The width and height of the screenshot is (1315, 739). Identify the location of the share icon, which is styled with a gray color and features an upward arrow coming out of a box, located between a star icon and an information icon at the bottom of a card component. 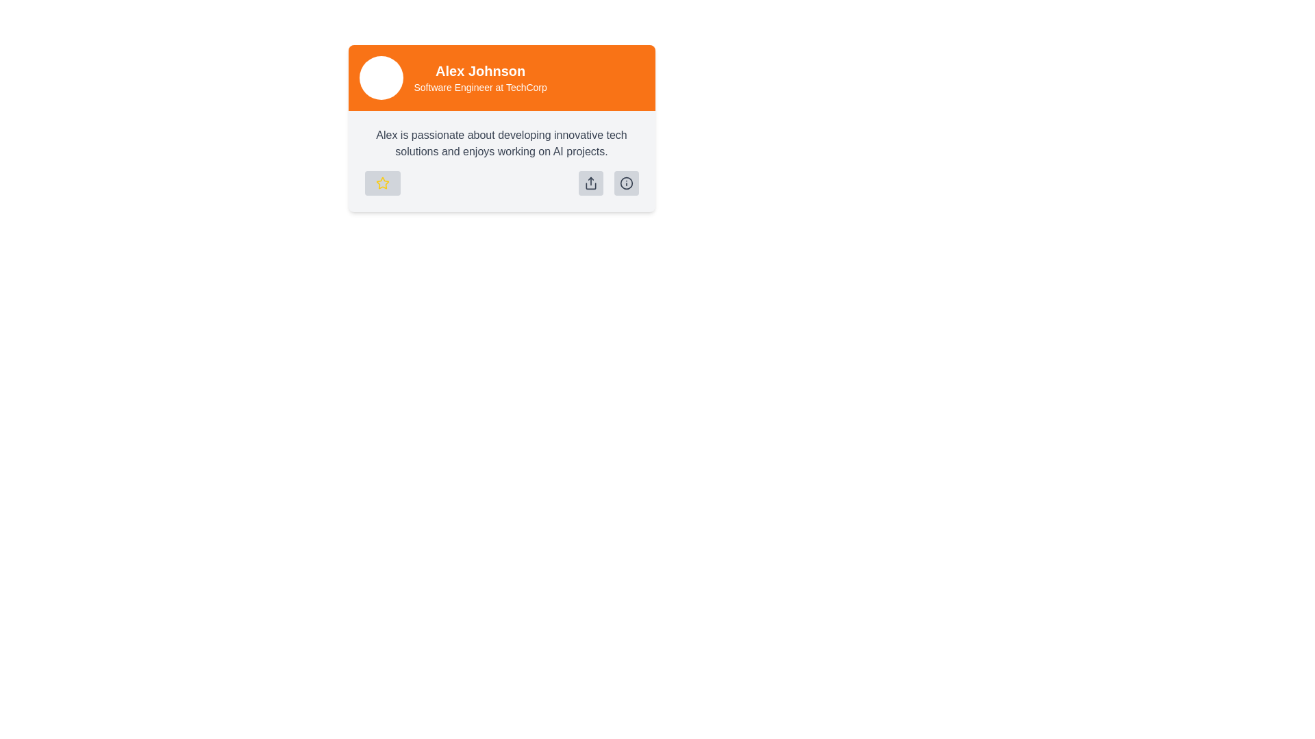
(590, 182).